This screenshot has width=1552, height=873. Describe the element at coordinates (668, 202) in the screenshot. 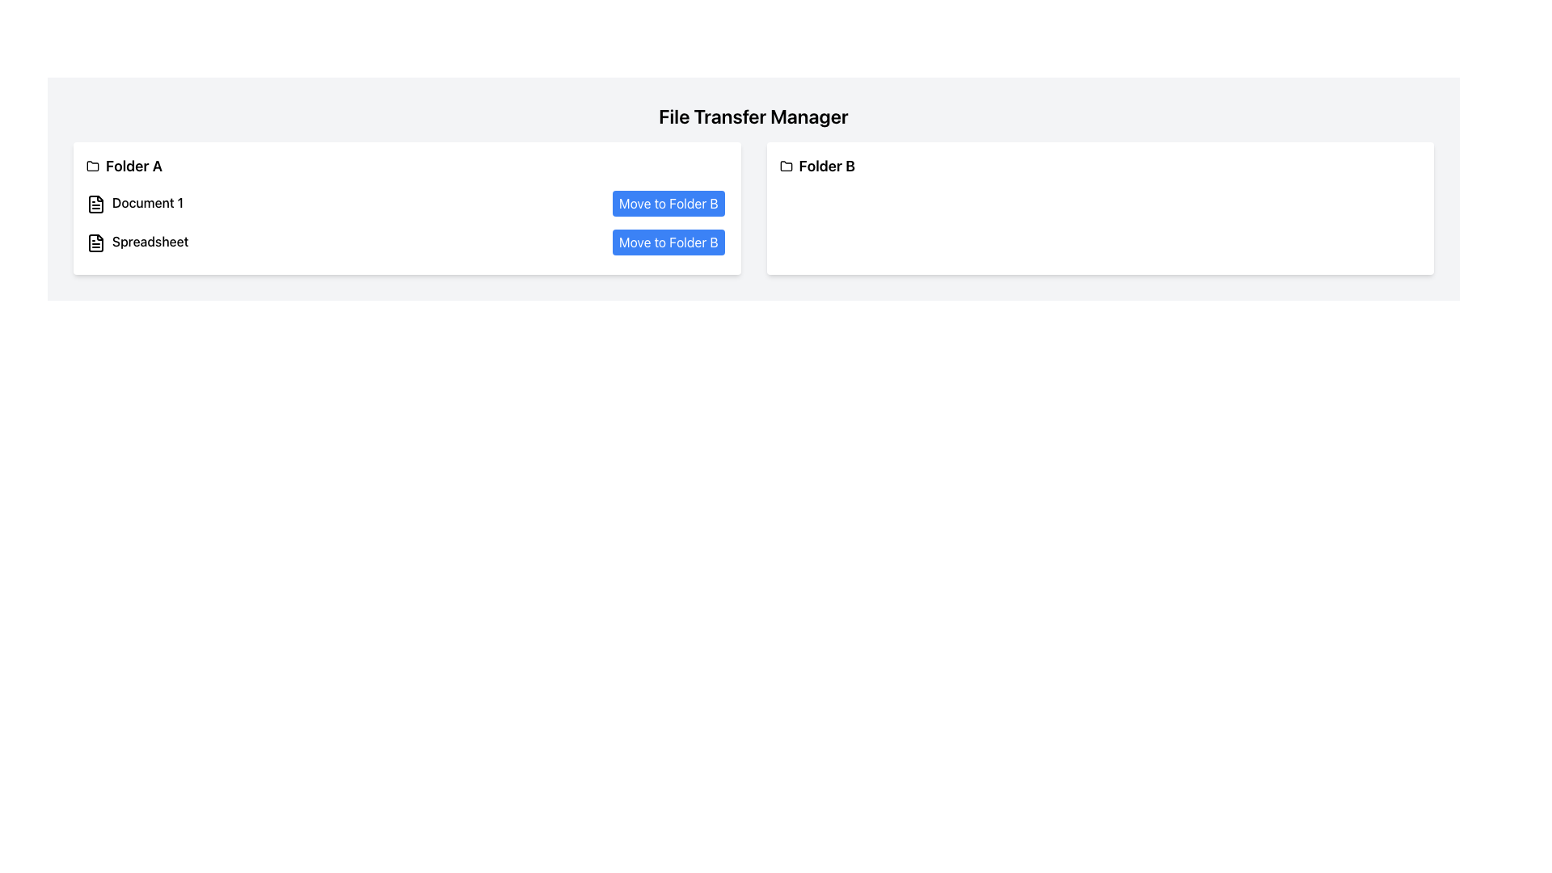

I see `the bright blue button with white text that reads 'Move to Folder B' to move the file` at that location.